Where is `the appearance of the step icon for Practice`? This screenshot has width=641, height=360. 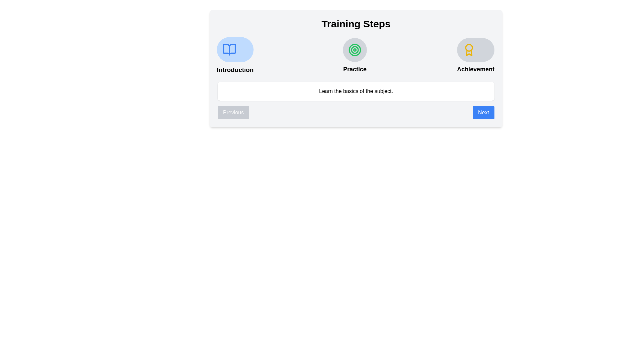 the appearance of the step icon for Practice is located at coordinates (354, 50).